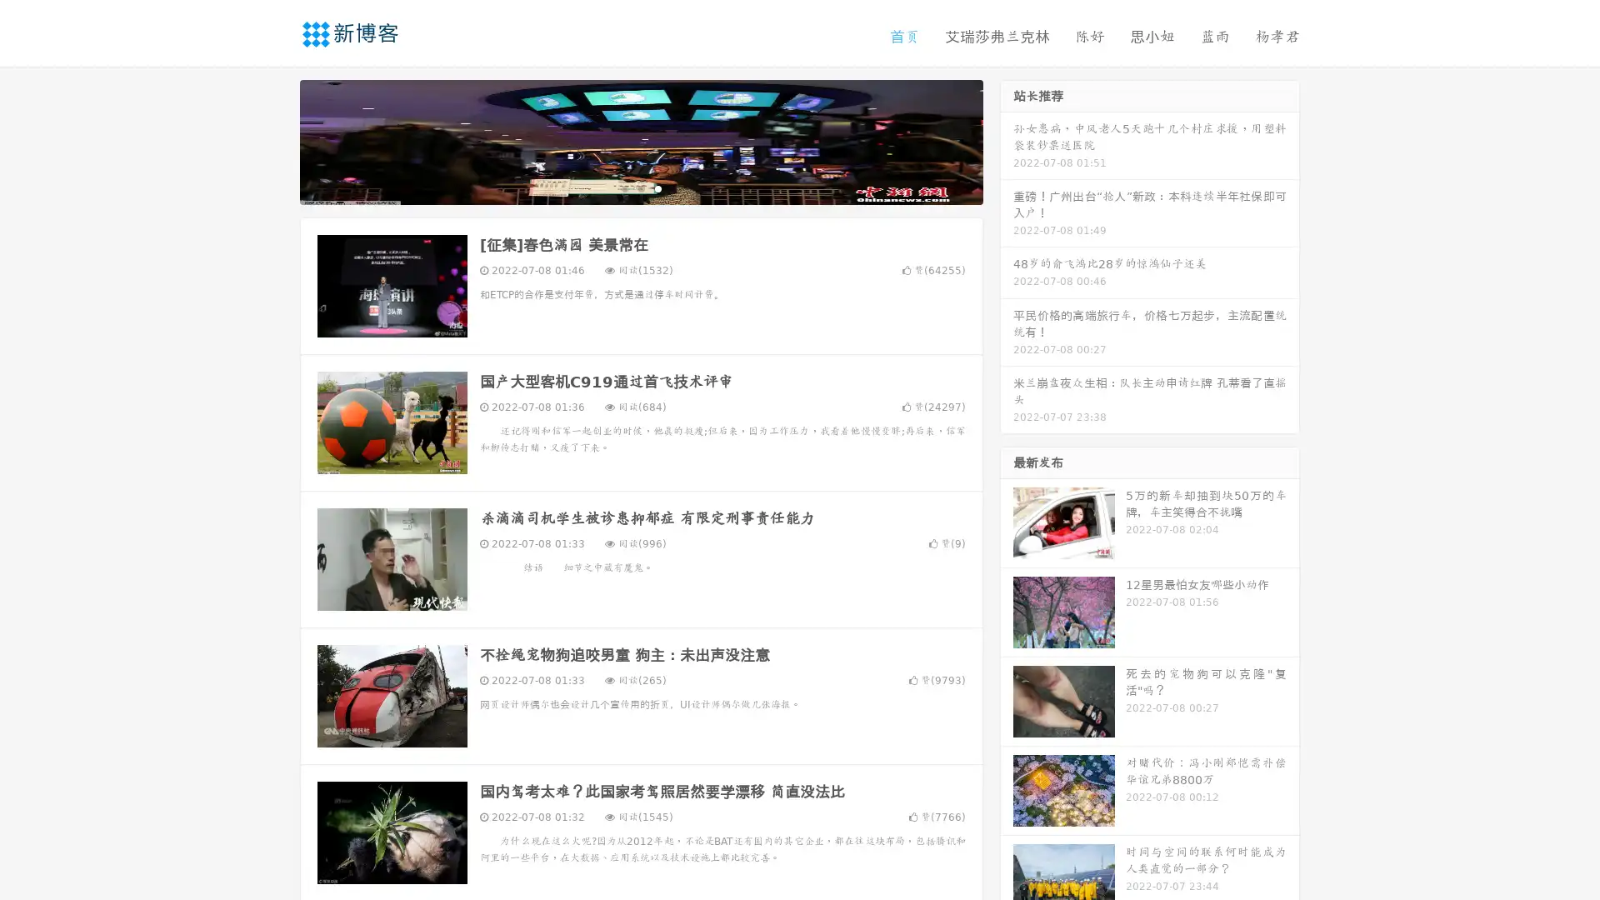  What do you see at coordinates (1007, 140) in the screenshot?
I see `Next slide` at bounding box center [1007, 140].